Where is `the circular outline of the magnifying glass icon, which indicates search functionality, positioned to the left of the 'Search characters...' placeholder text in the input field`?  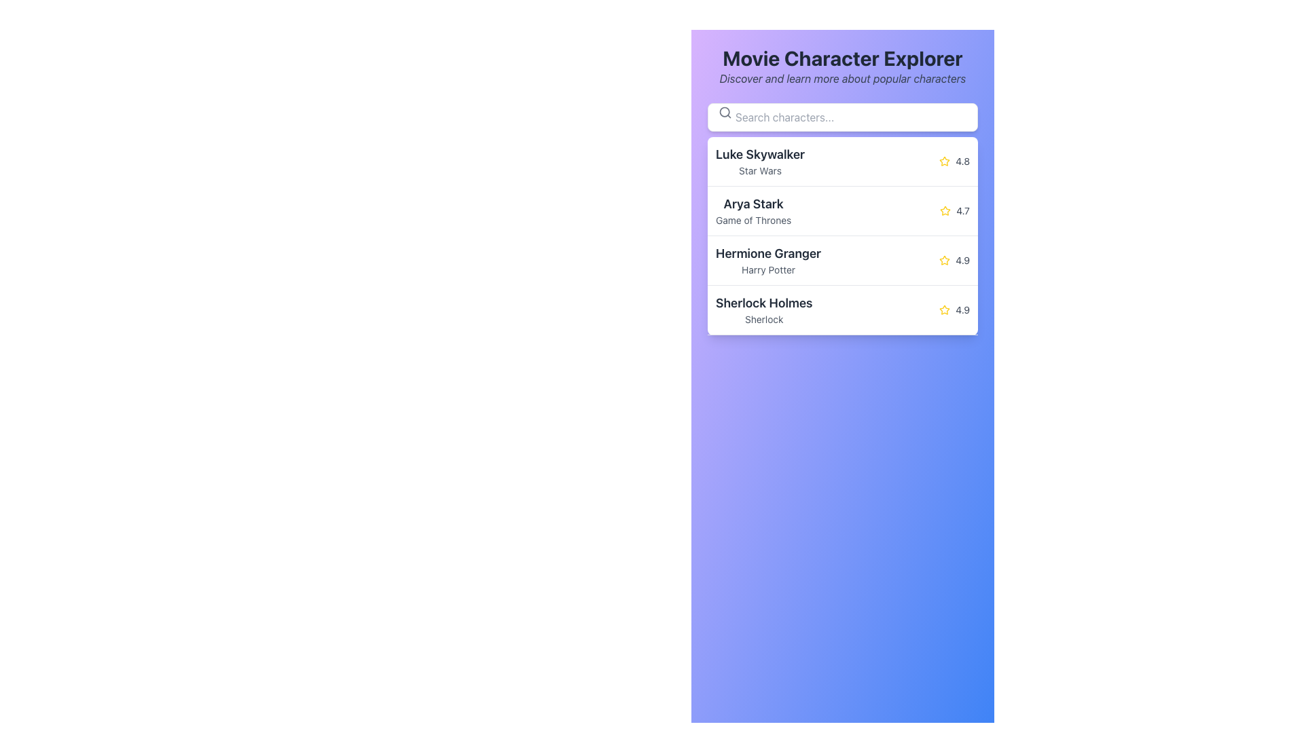
the circular outline of the magnifying glass icon, which indicates search functionality, positioned to the left of the 'Search characters...' placeholder text in the input field is located at coordinates (724, 111).